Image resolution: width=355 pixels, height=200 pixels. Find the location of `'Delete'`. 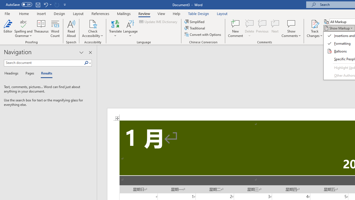

'Delete' is located at coordinates (249, 23).